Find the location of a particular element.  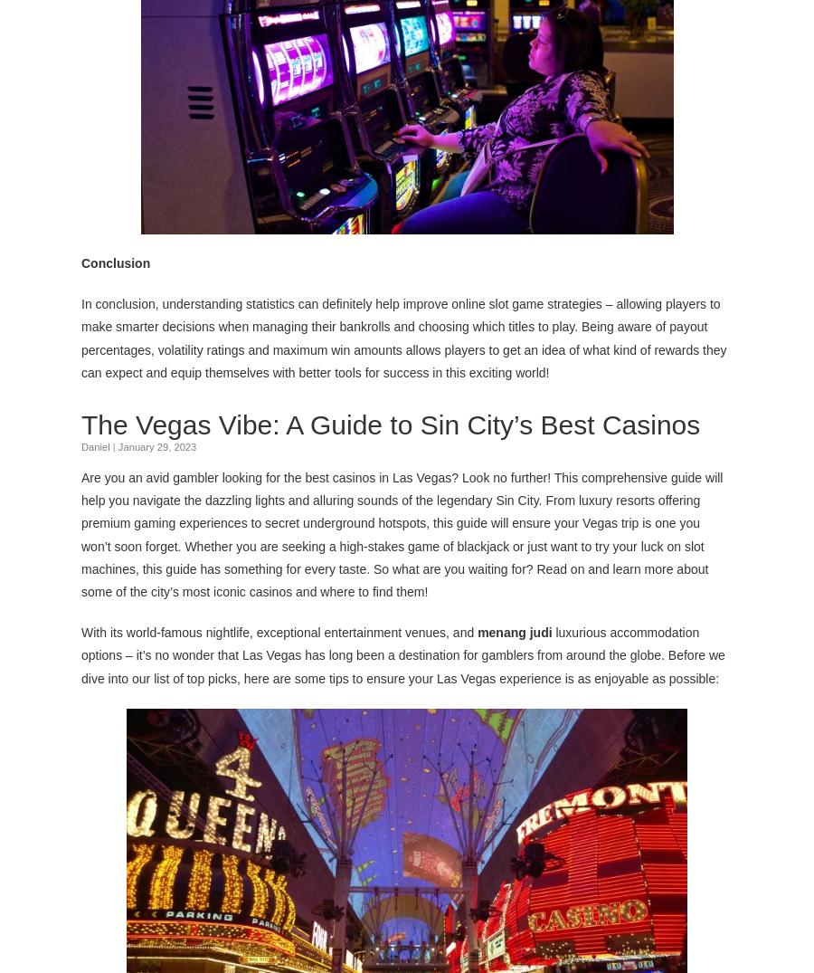

'With its world-famous nightlife, exceptional entertainment venues, and' is located at coordinates (278, 630).